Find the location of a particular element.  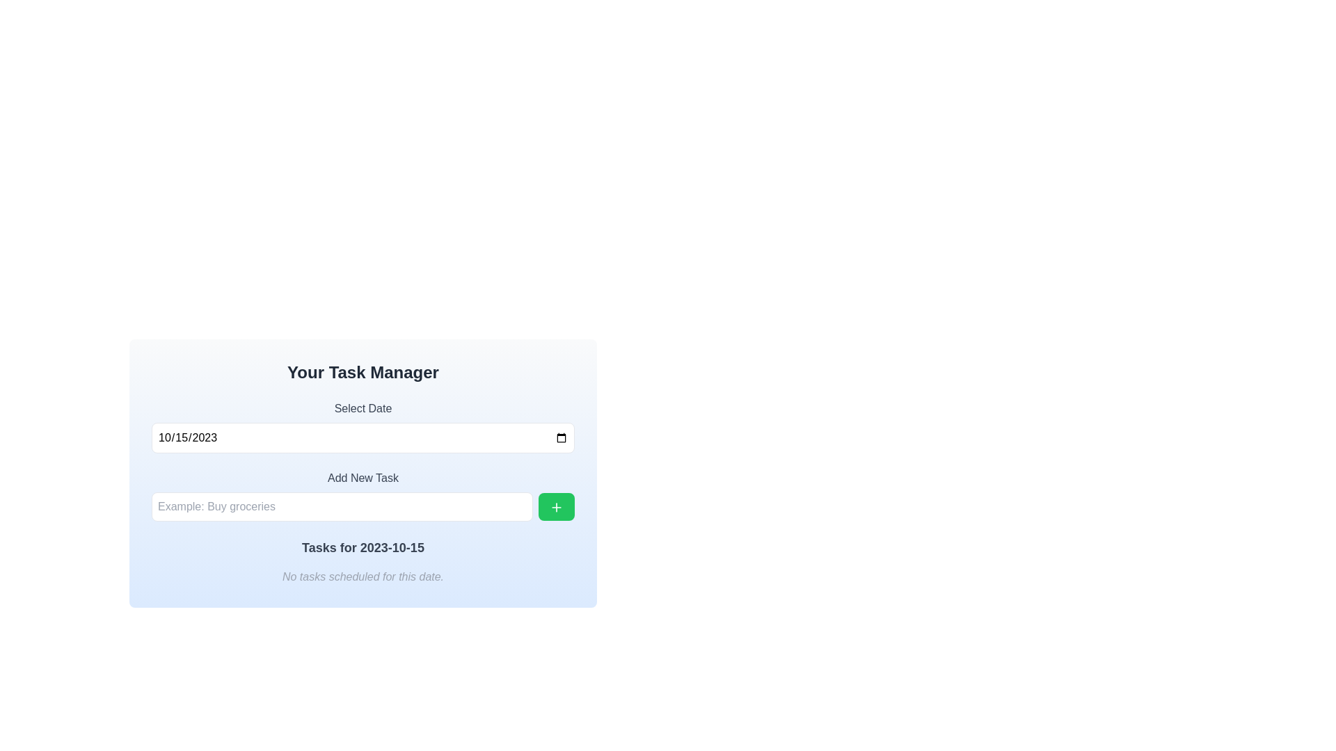

the button located to the right of the input field with the placeholder text 'Example: Buy groceries' in the 'Add New Task' section is located at coordinates (557, 507).